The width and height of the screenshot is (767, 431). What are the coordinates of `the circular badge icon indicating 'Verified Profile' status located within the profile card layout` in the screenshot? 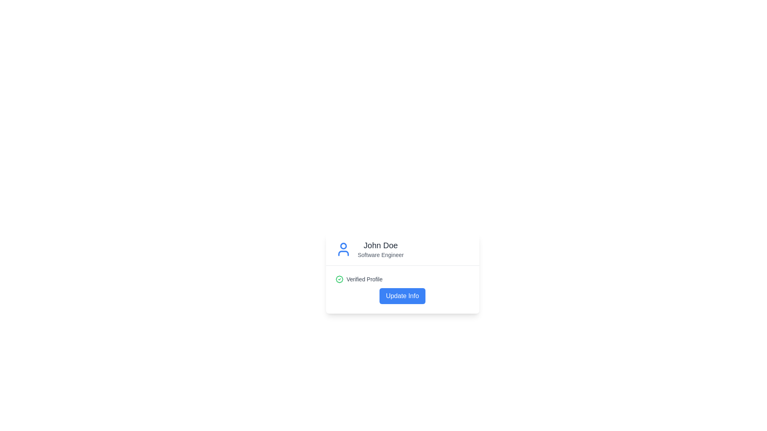 It's located at (339, 279).